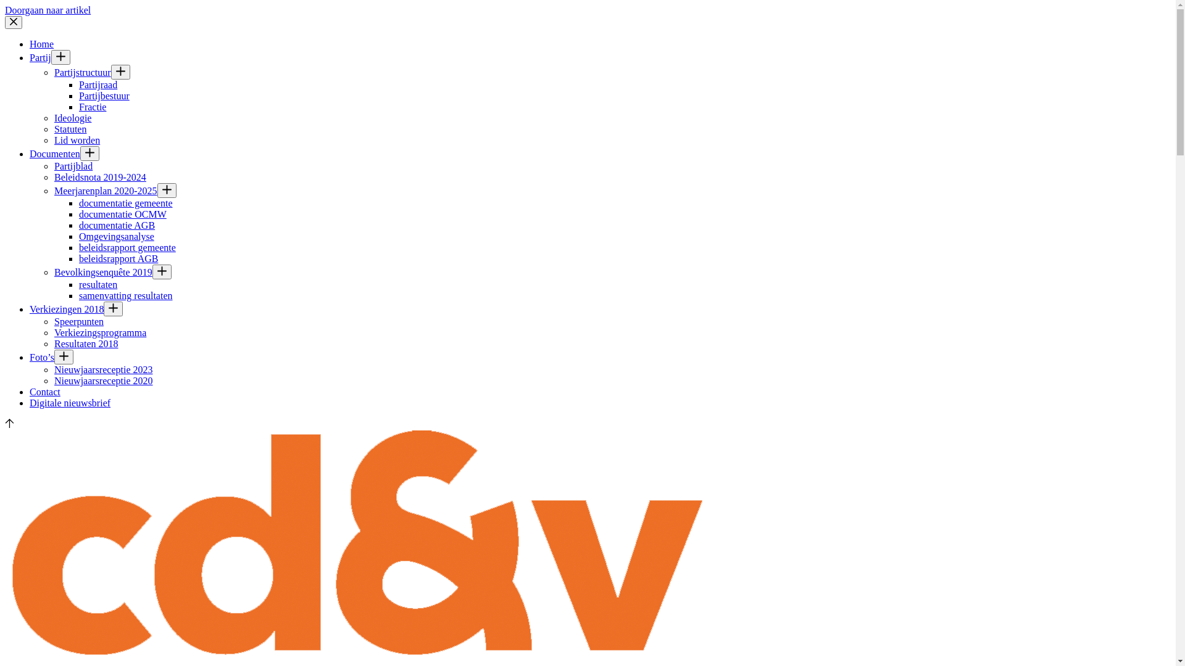 The width and height of the screenshot is (1185, 666). I want to click on 'Documenten', so click(54, 153).